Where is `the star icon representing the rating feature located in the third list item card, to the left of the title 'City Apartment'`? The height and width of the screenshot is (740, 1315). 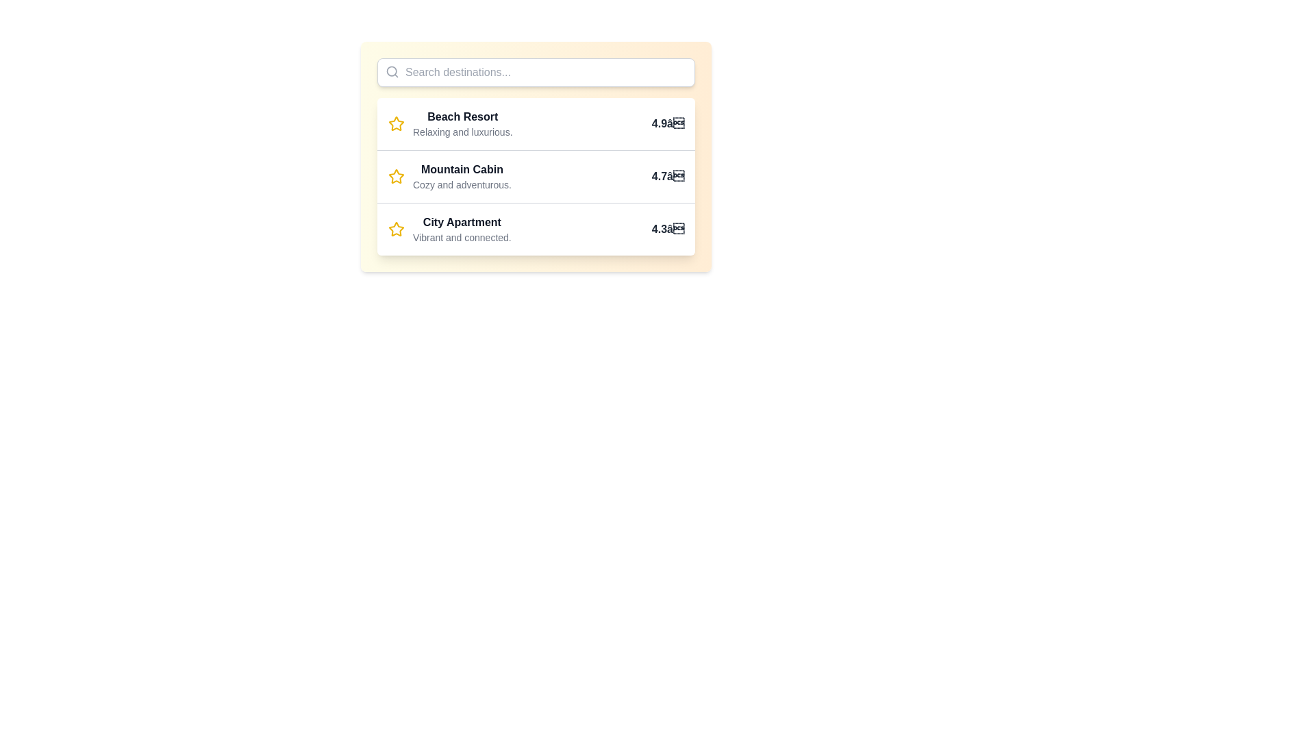
the star icon representing the rating feature located in the third list item card, to the left of the title 'City Apartment' is located at coordinates (396, 228).